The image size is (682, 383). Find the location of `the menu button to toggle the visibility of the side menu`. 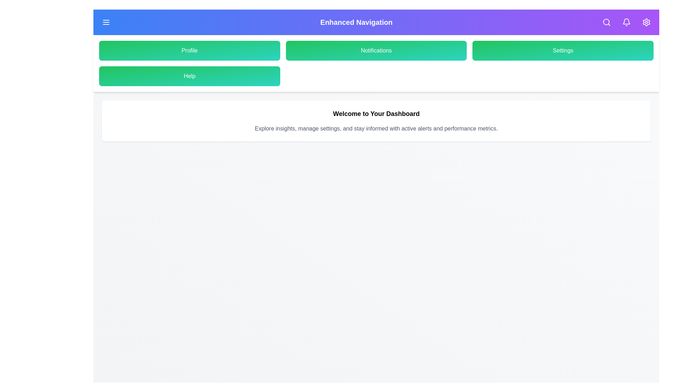

the menu button to toggle the visibility of the side menu is located at coordinates (105, 22).